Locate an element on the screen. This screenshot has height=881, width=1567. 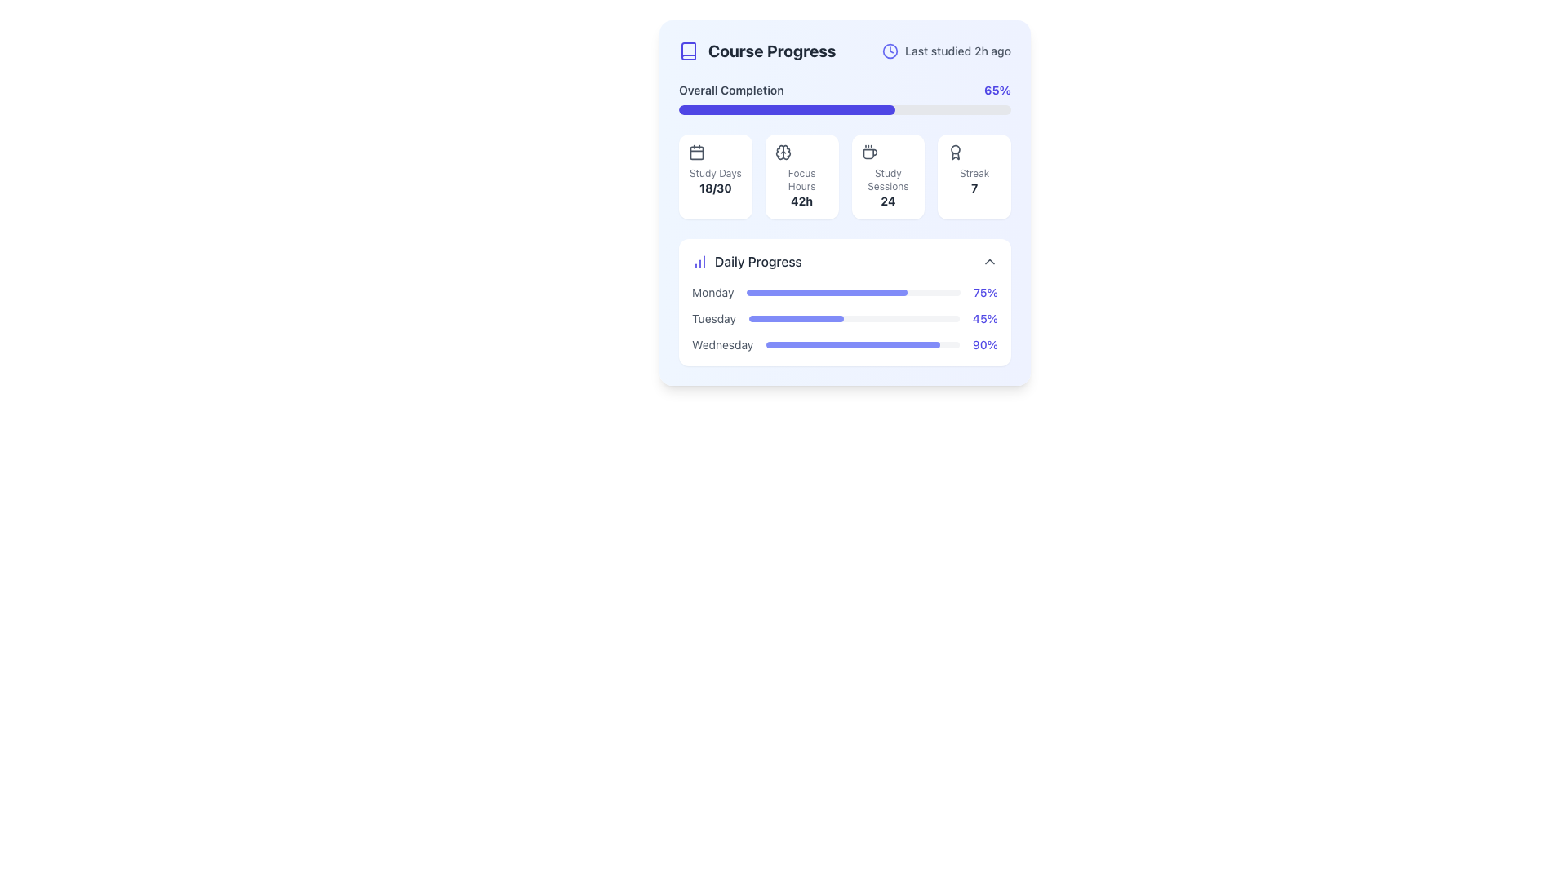
the Progress Bar located in the 'Daily Progress' subsection, which visually represents a 75% progress for Monday is located at coordinates (853, 291).